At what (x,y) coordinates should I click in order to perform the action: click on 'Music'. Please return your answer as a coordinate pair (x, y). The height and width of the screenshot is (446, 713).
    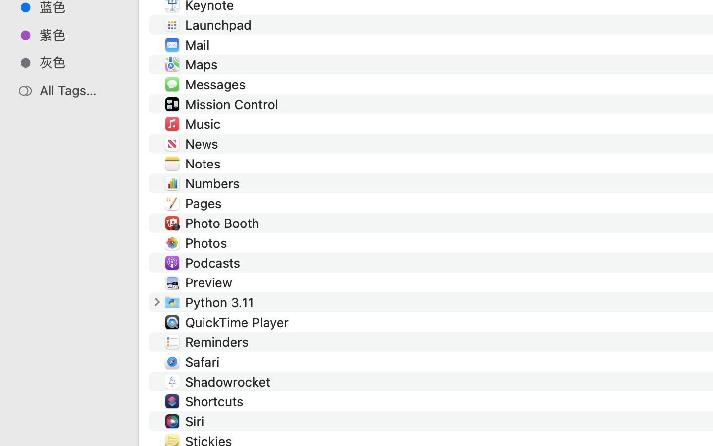
    Looking at the image, I should click on (204, 123).